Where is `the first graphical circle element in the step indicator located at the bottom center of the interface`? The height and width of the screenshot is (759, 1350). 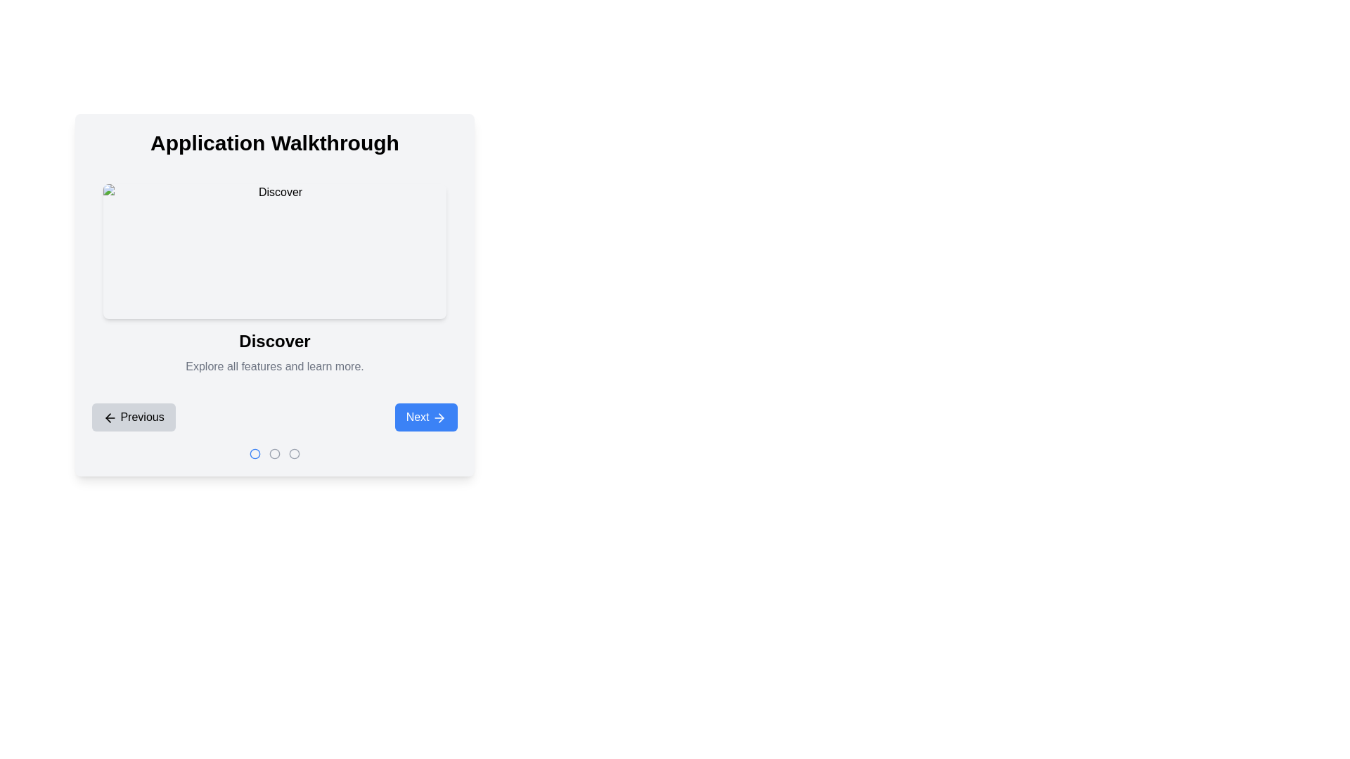
the first graphical circle element in the step indicator located at the bottom center of the interface is located at coordinates (255, 453).